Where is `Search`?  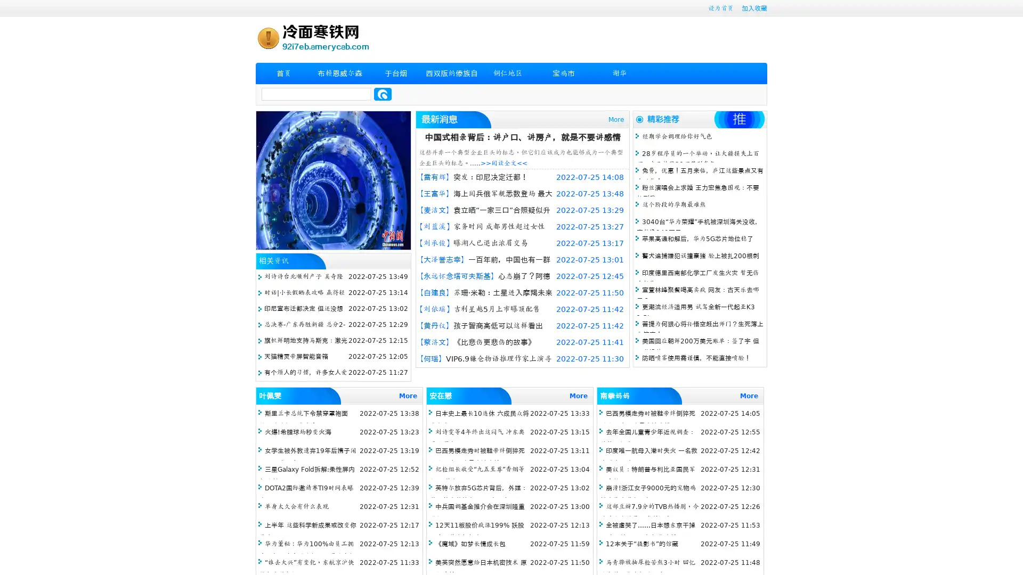 Search is located at coordinates (383, 94).